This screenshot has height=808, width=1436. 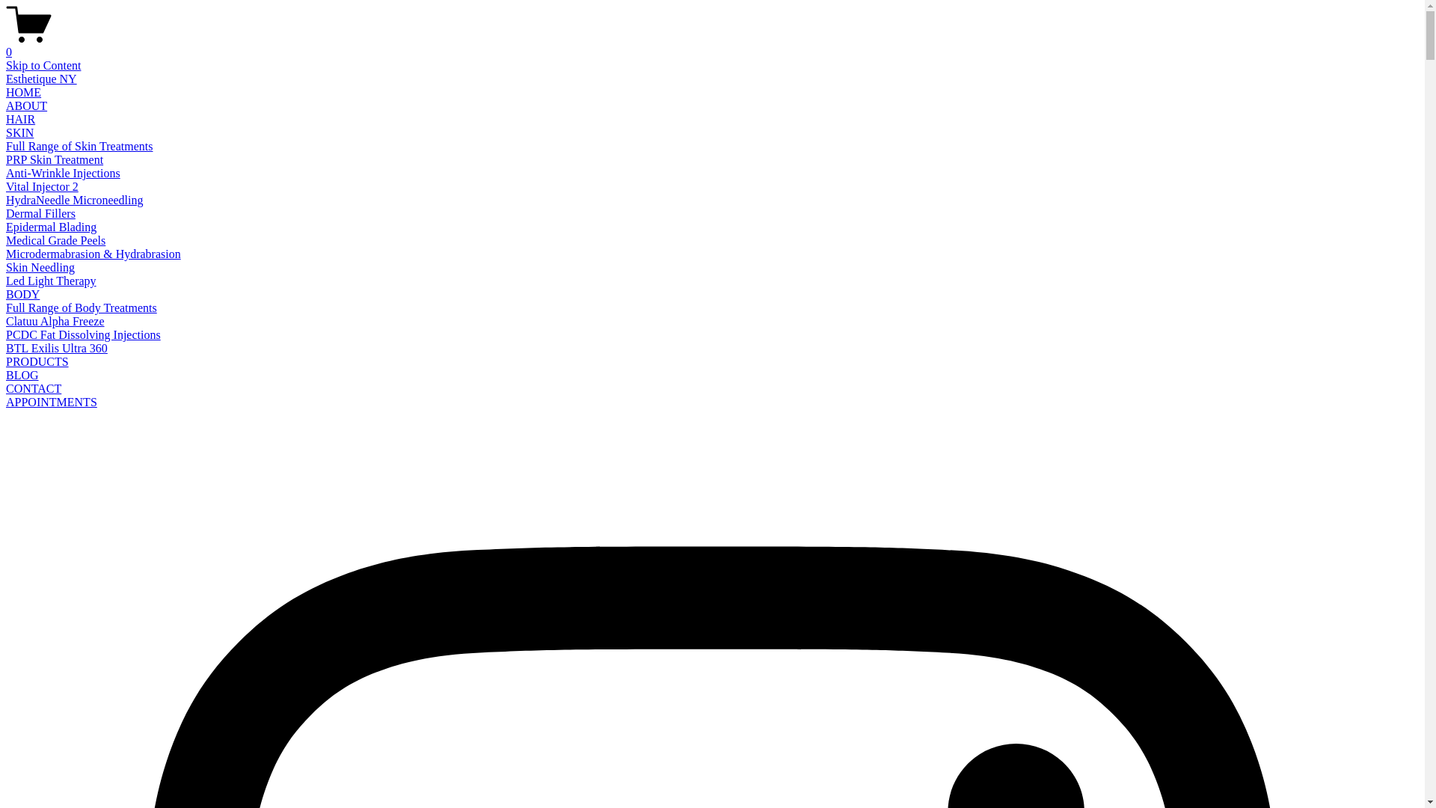 I want to click on 'PRP Skin Treatment', so click(x=6, y=159).